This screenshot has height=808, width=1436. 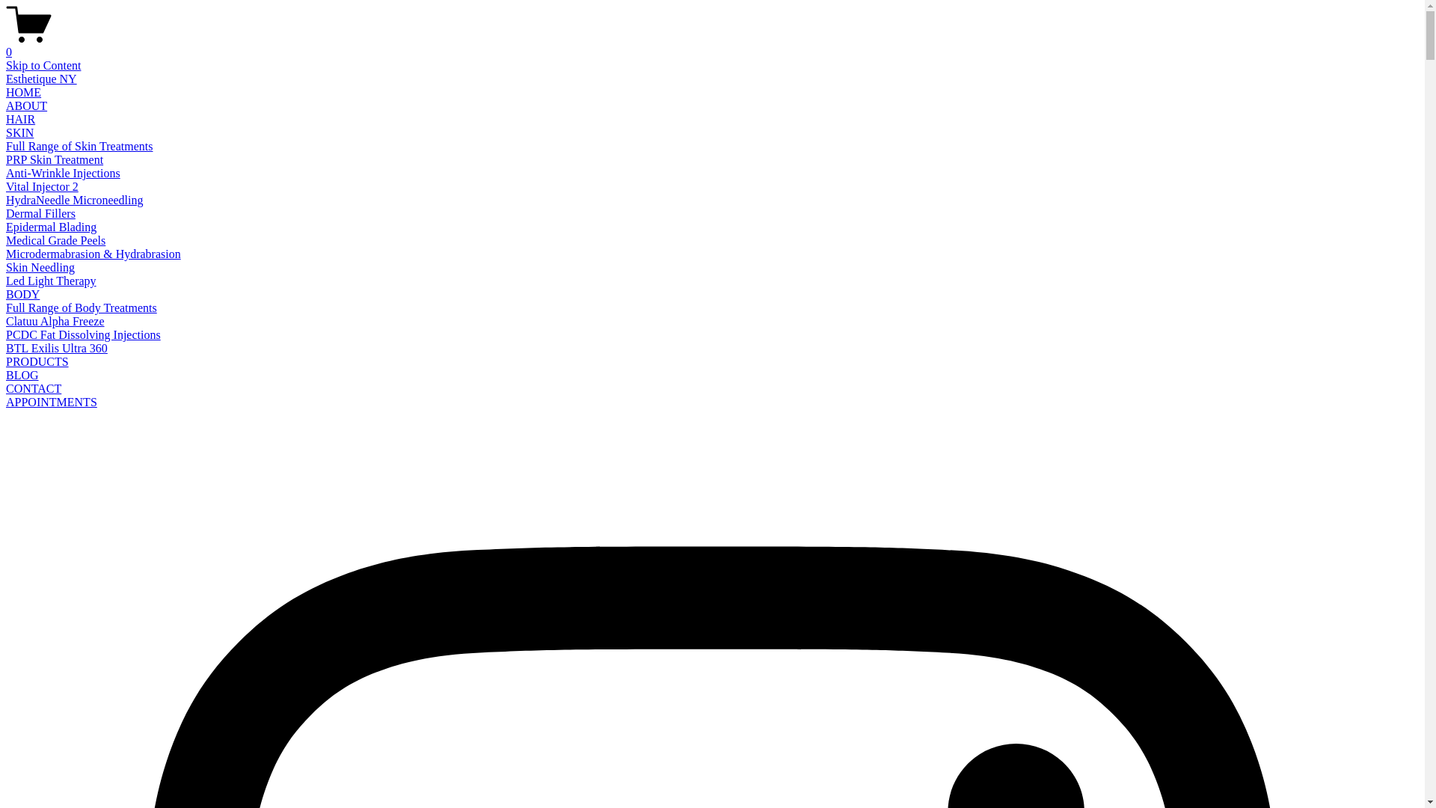 I want to click on 'PRP Skin Treatment', so click(x=6, y=159).